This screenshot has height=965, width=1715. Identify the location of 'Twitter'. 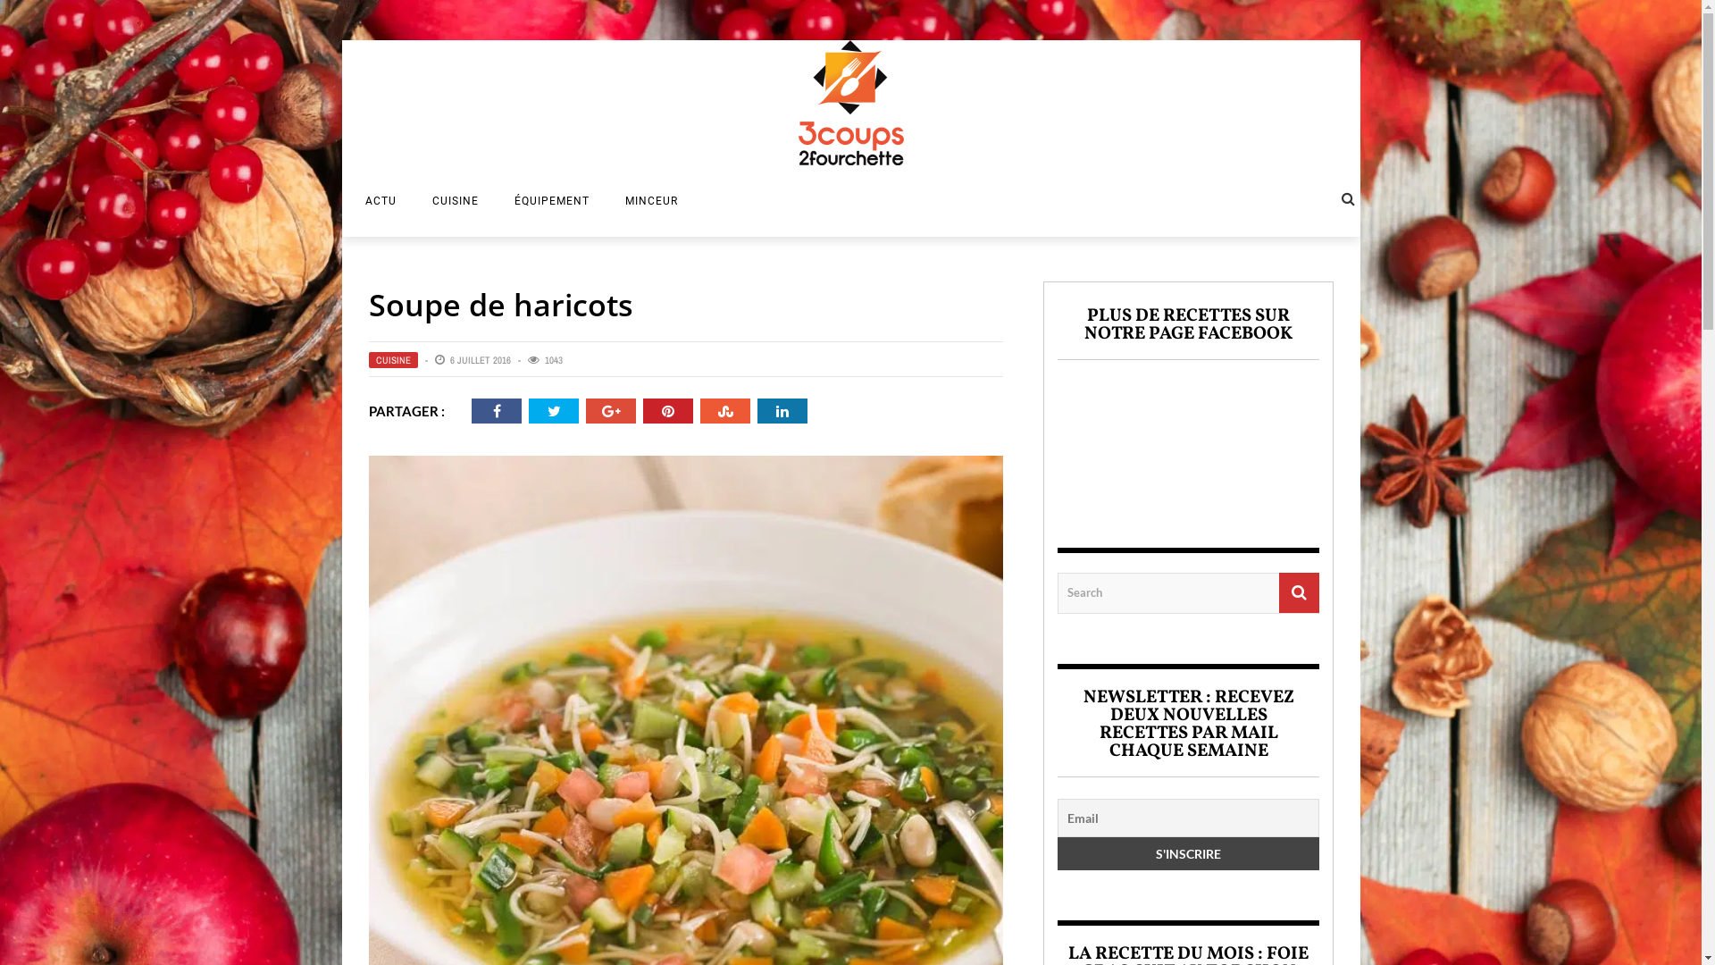
(545, 410).